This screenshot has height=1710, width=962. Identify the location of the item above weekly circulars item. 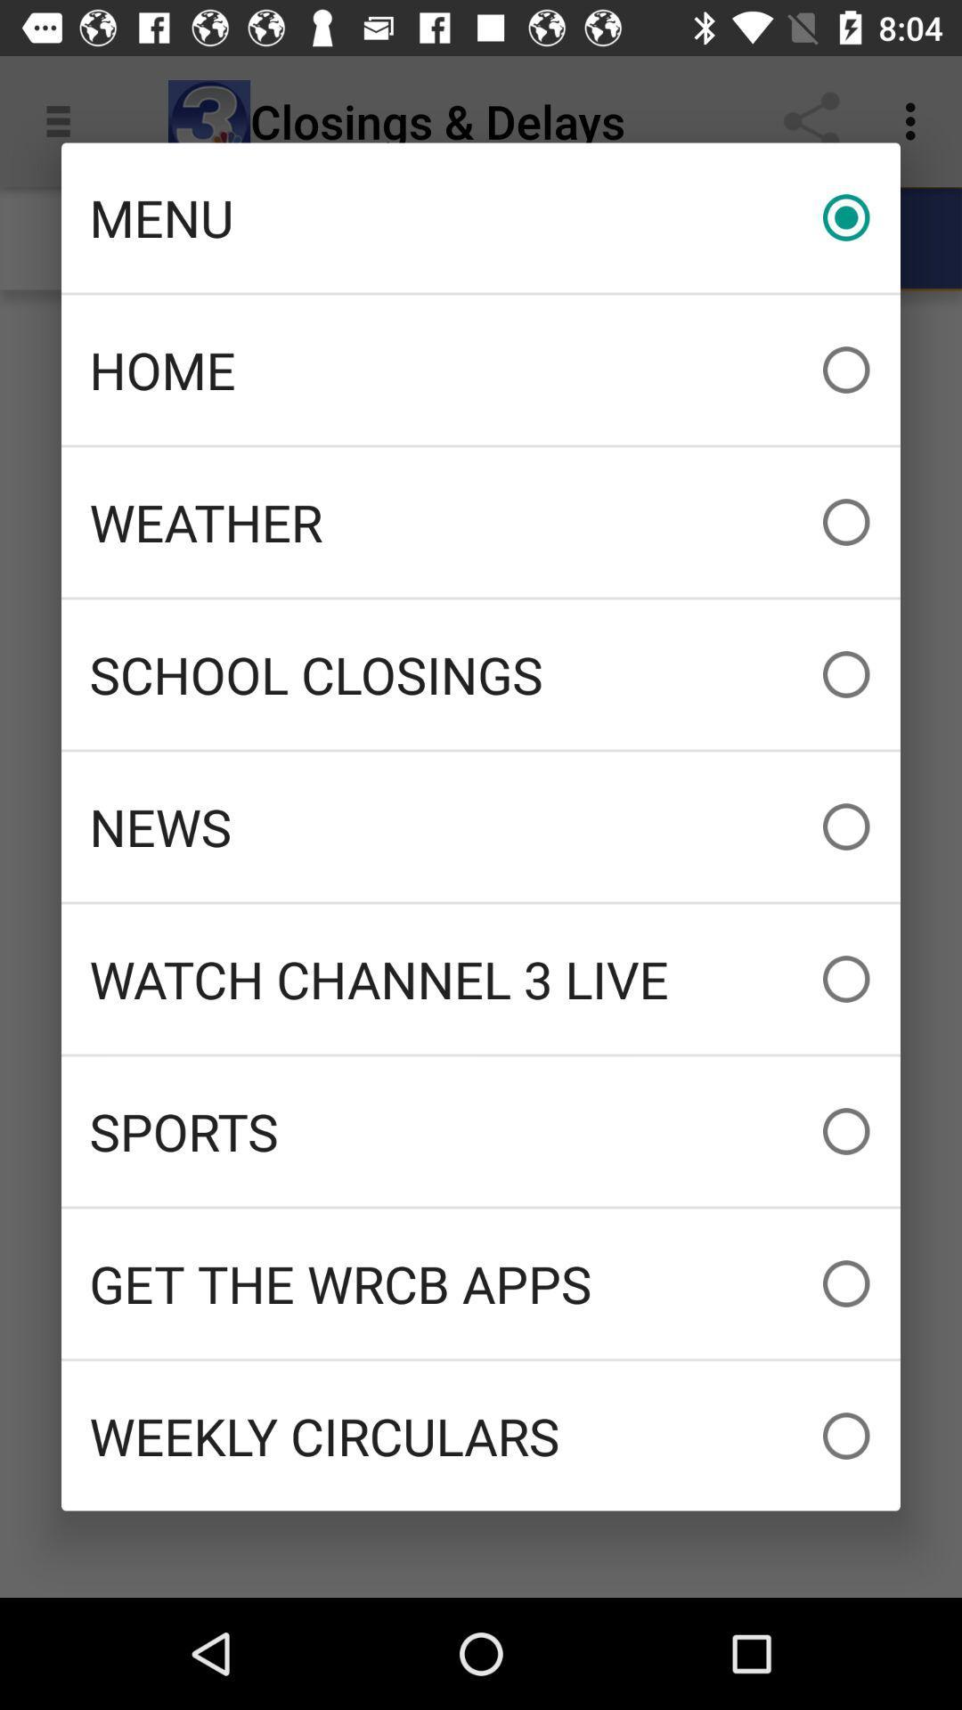
(481, 1283).